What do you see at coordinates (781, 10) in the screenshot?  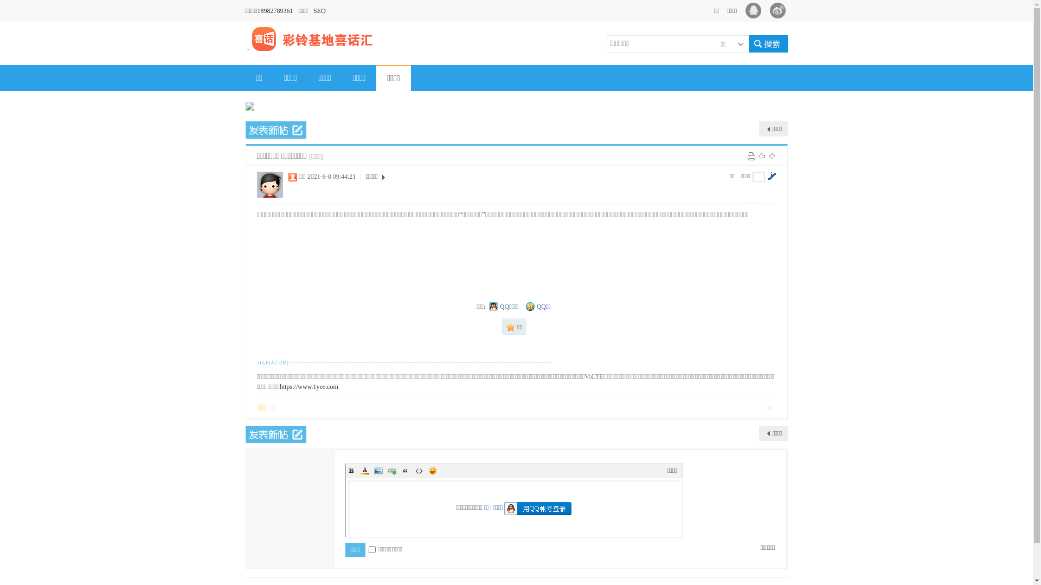 I see `'weibo'` at bounding box center [781, 10].